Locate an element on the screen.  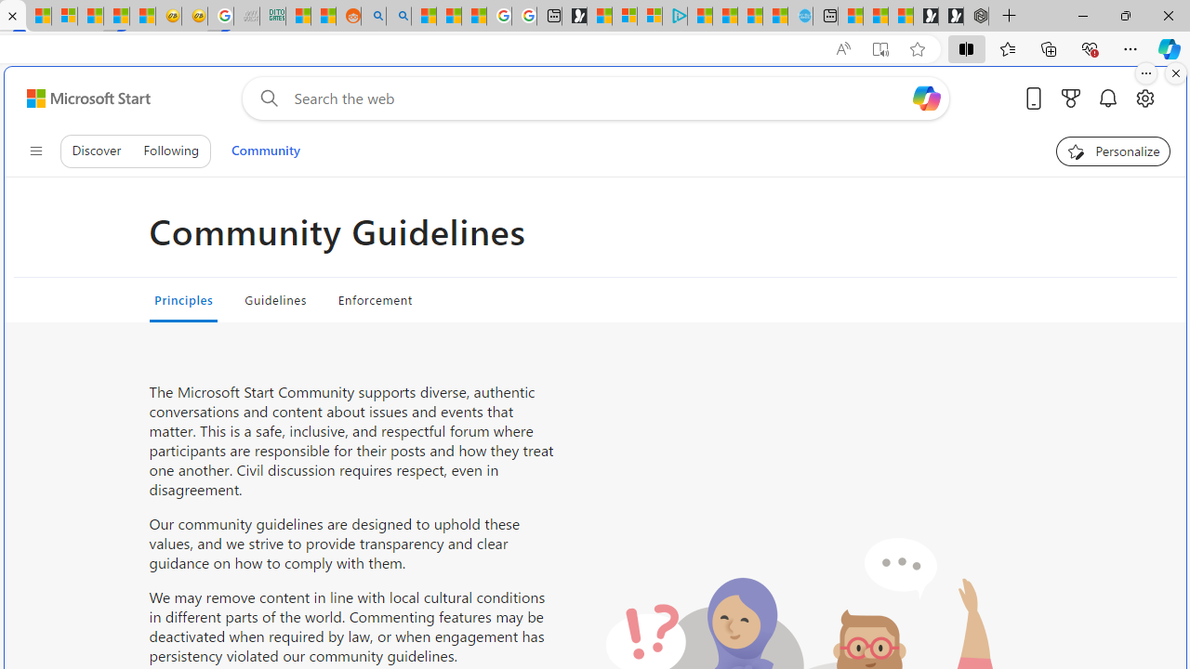
'More options.' is located at coordinates (1145, 72).